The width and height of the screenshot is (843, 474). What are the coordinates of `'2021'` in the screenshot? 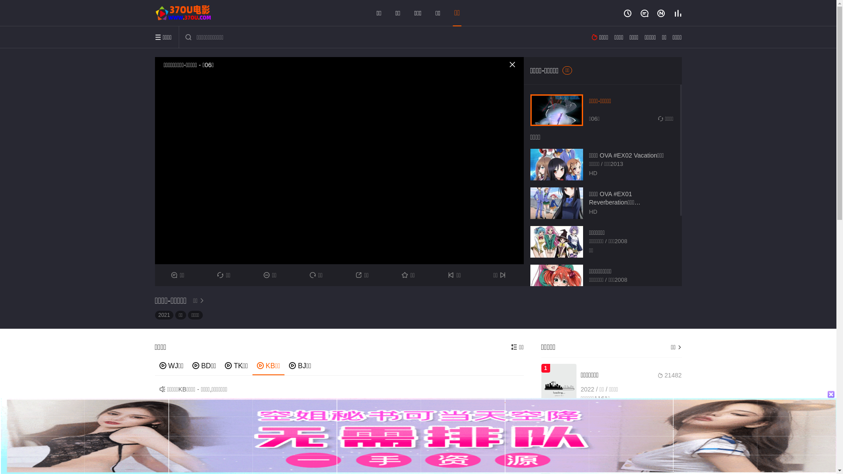 It's located at (164, 314).